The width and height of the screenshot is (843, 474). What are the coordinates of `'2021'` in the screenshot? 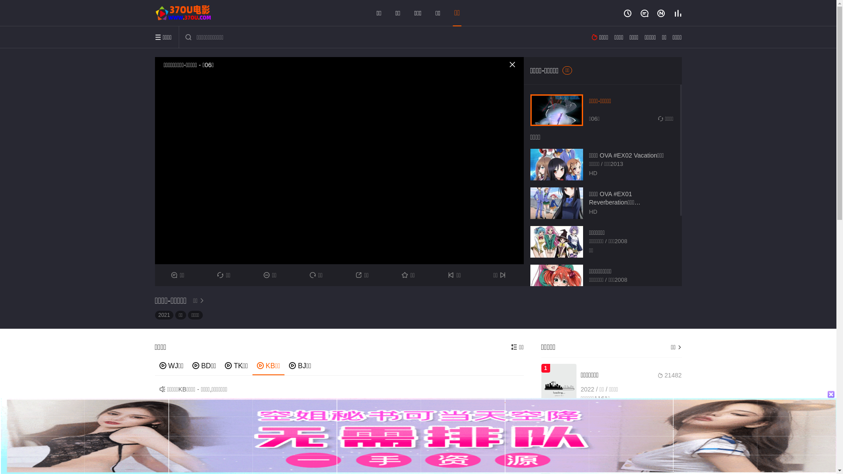 It's located at (164, 314).